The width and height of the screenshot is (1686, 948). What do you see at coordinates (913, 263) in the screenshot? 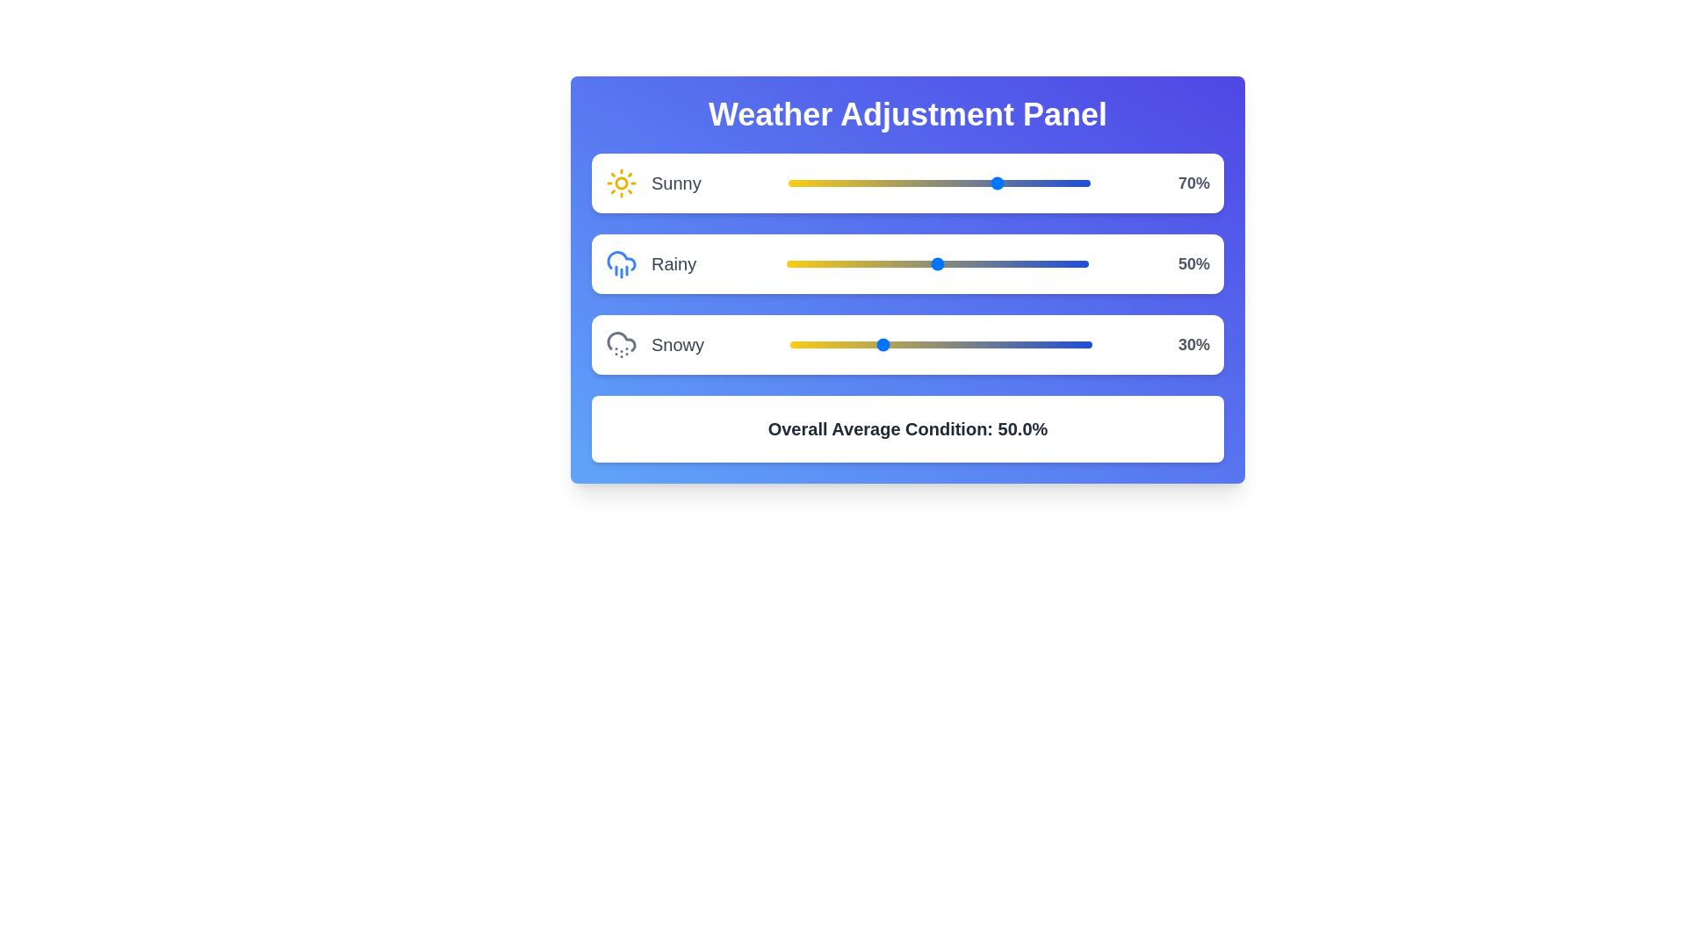
I see `the 'rainy' condition percentage` at bounding box center [913, 263].